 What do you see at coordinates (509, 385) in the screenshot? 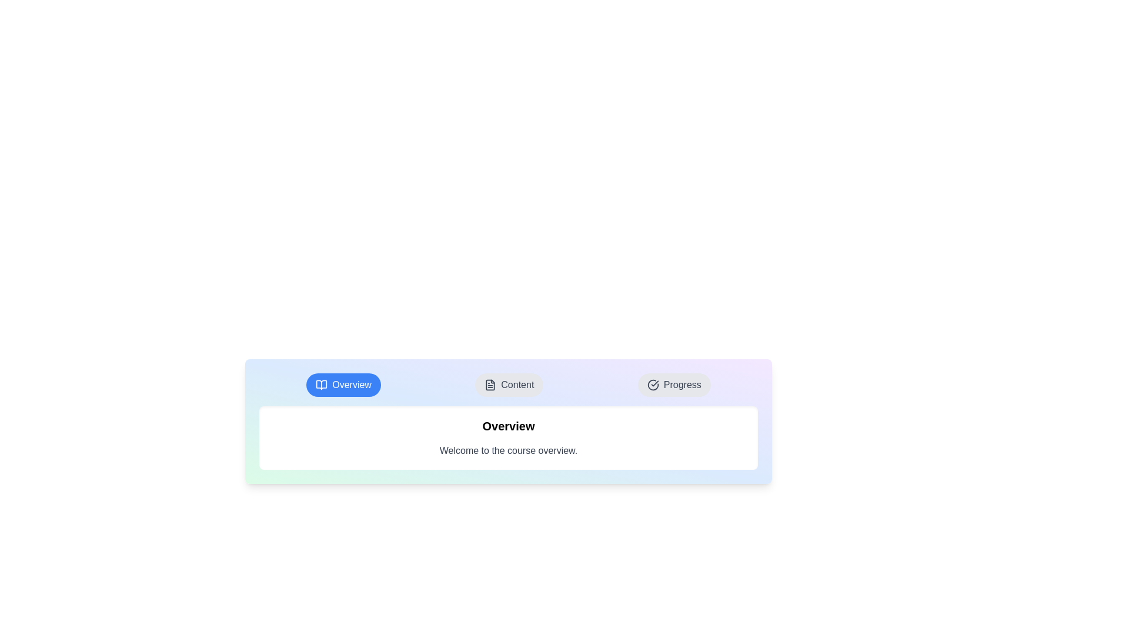
I see `the tab Content to observe its visual feedback` at bounding box center [509, 385].